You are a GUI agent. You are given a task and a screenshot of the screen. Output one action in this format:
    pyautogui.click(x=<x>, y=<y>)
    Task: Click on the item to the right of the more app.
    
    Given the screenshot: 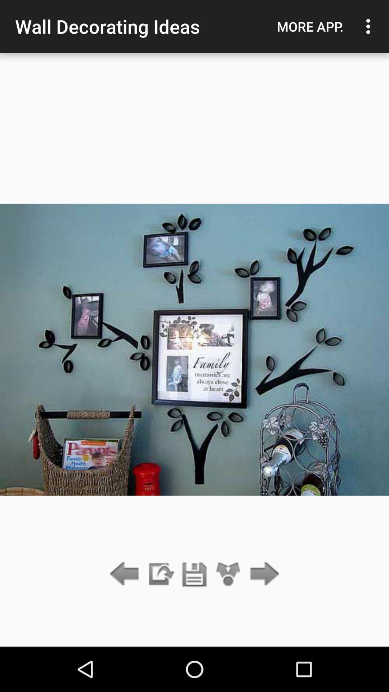 What is the action you would take?
    pyautogui.click(x=370, y=26)
    